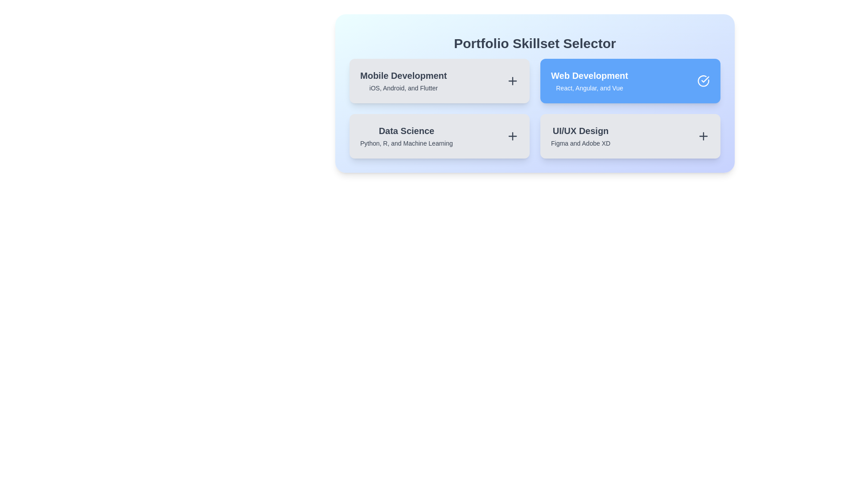 This screenshot has height=481, width=856. I want to click on the chip labeled UI/UX Design, so click(630, 136).